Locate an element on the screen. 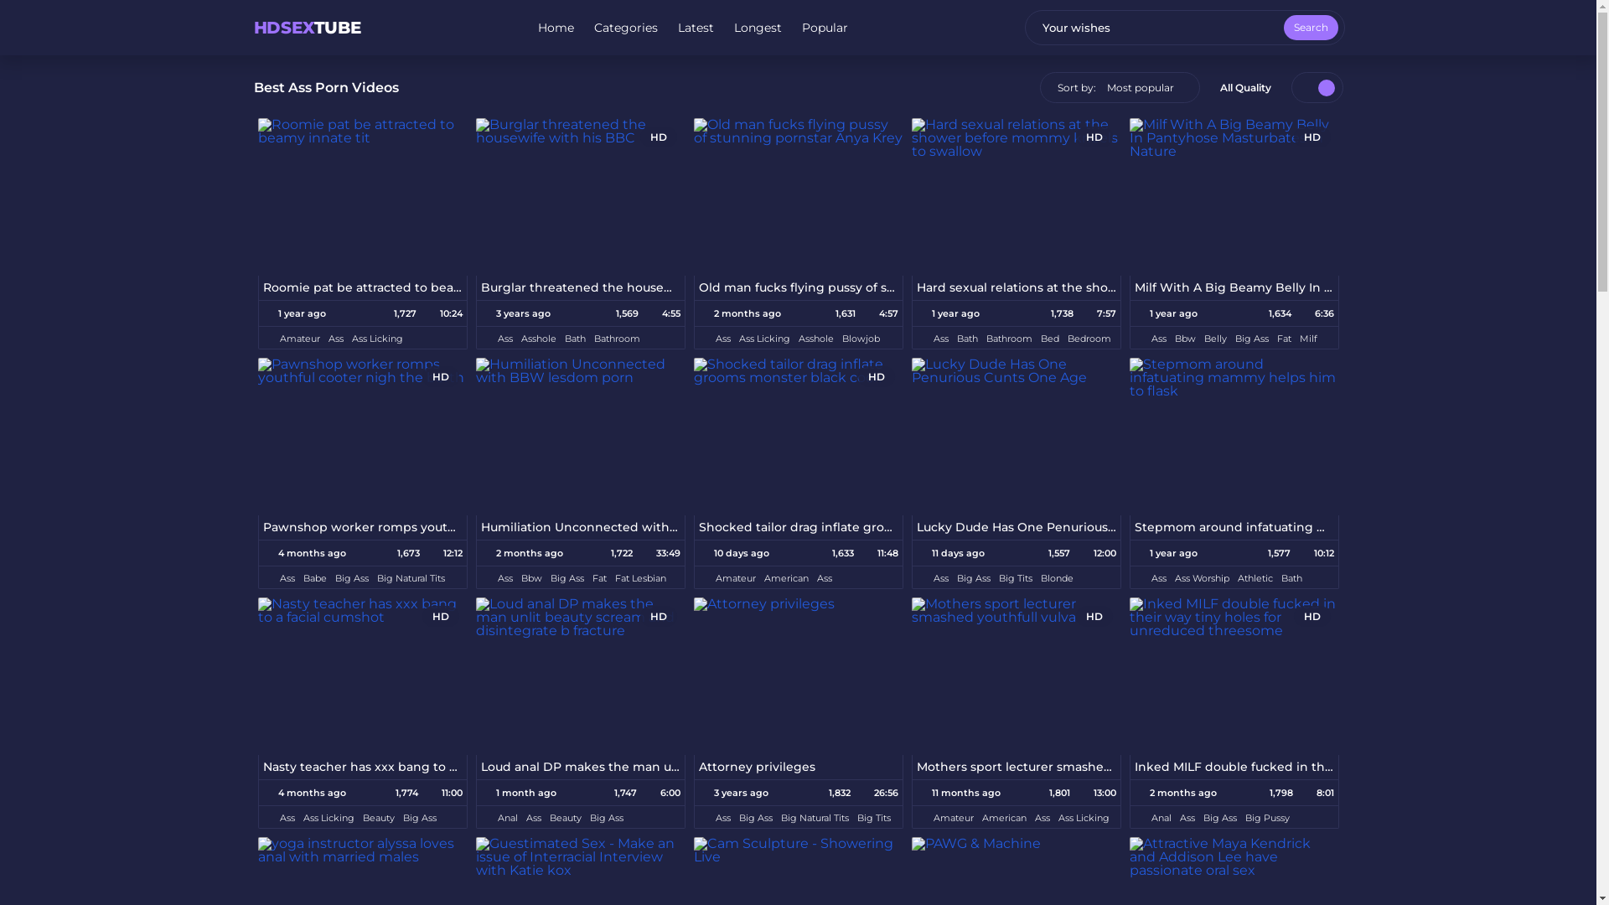  'Latest' is located at coordinates (696, 28).